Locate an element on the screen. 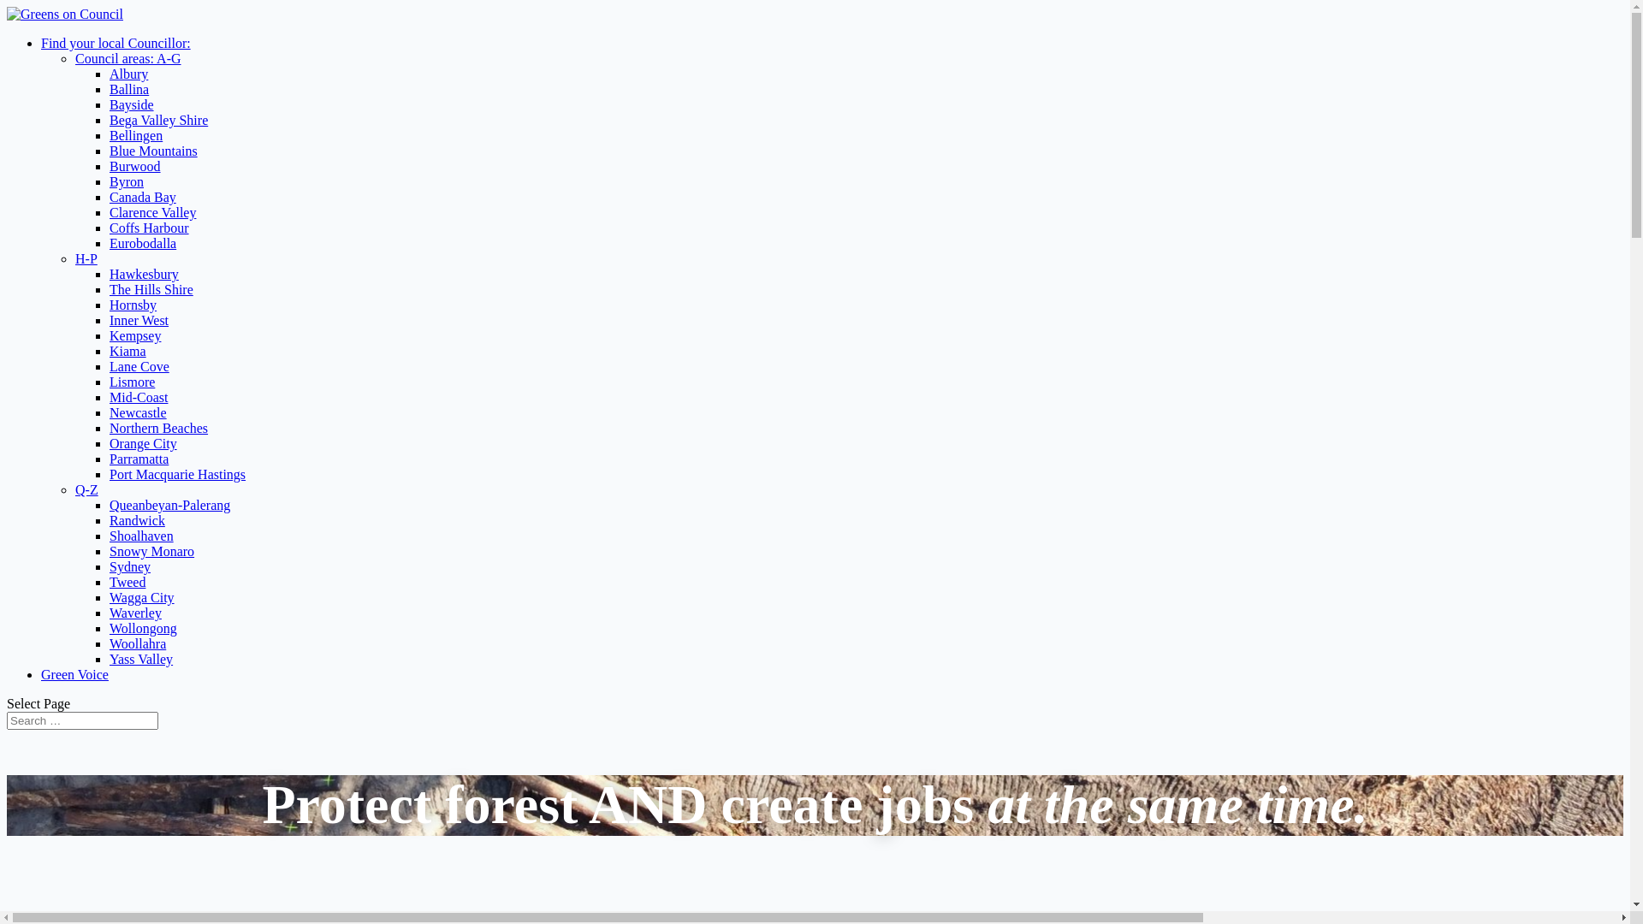 This screenshot has height=924, width=1643. 'Hornsby' is located at coordinates (132, 304).